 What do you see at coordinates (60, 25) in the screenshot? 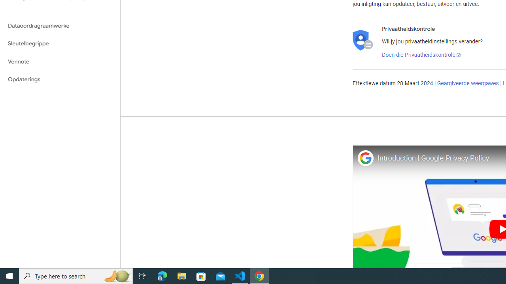
I see `'Dataoordragraamwerke'` at bounding box center [60, 25].